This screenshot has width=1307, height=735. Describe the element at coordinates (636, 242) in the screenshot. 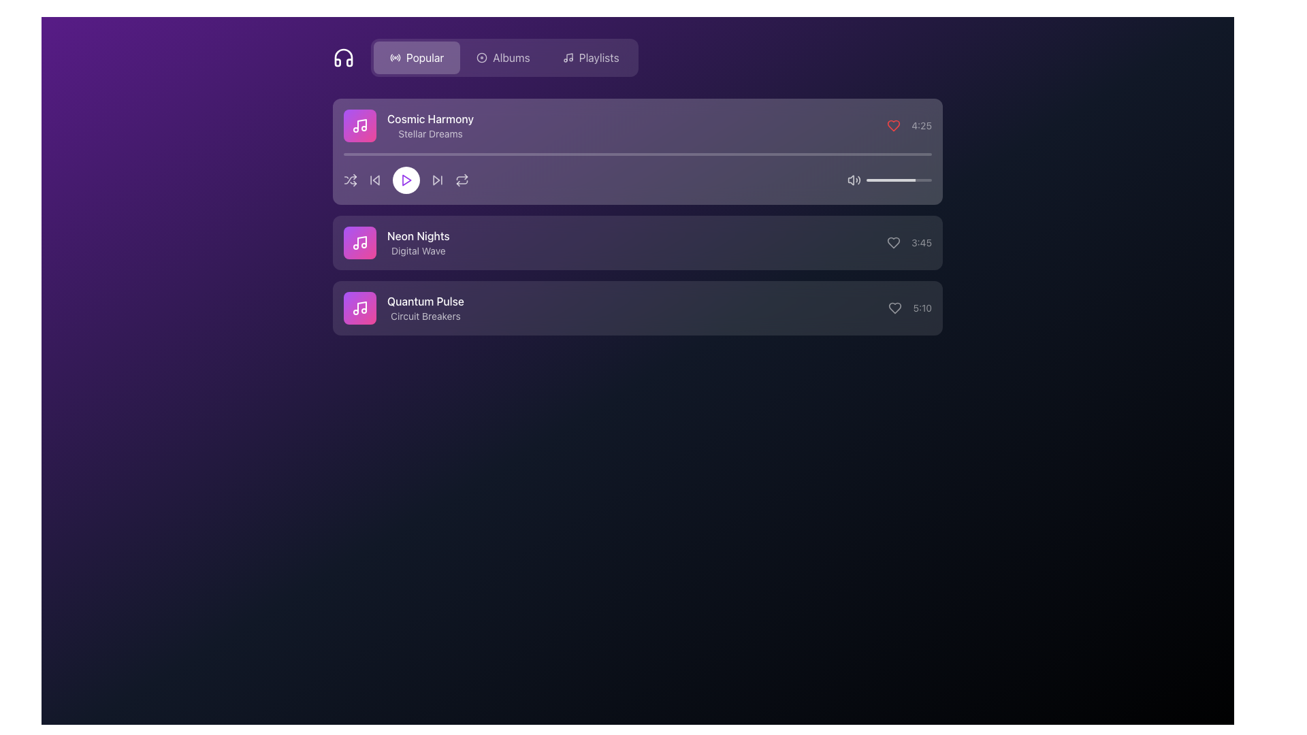

I see `to select or activate the second card in the playlist, which is located below 'Cosmic Harmony' and above 'Quantum Pulse'` at that location.